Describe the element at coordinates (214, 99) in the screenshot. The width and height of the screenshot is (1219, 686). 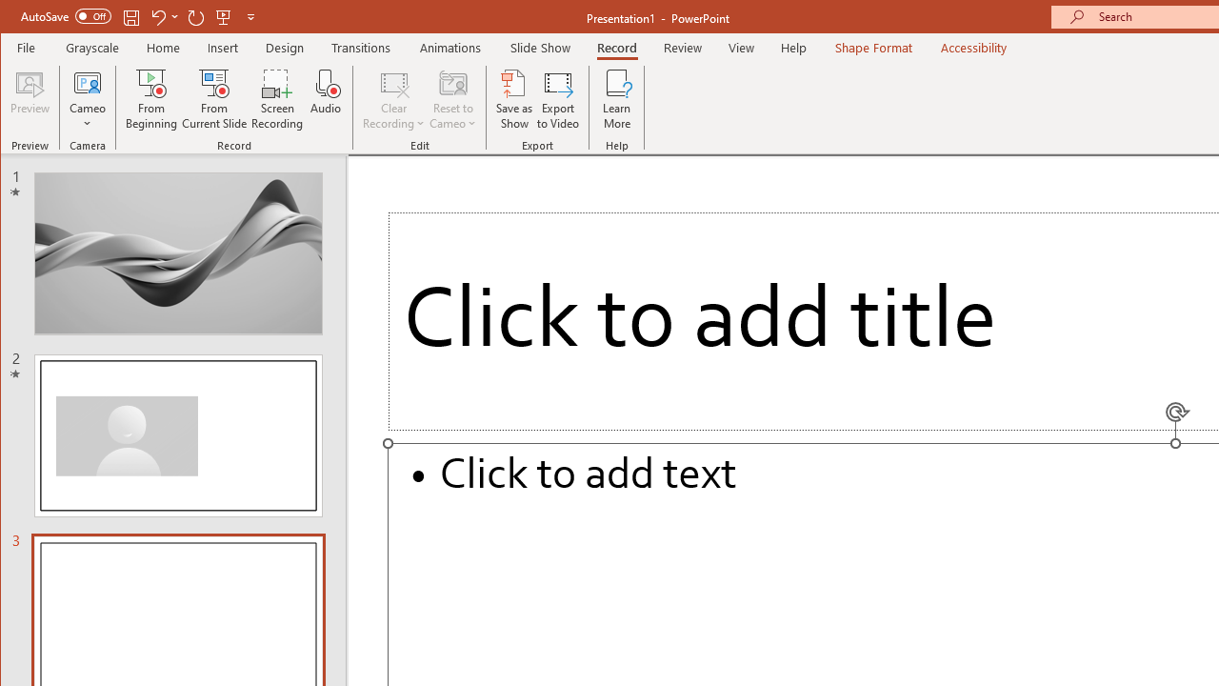
I see `'From Current Slide...'` at that location.